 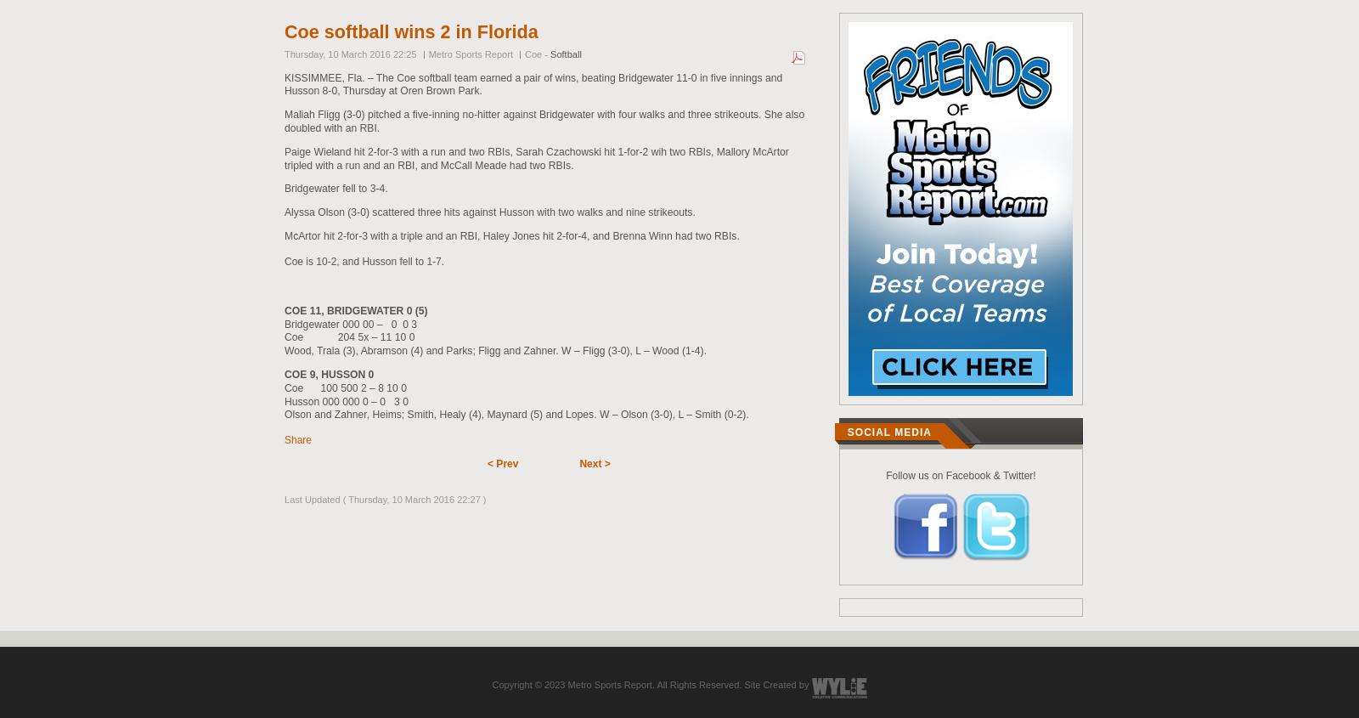 What do you see at coordinates (349, 323) in the screenshot?
I see `'Bridgewater 000 00 –   0  0 3'` at bounding box center [349, 323].